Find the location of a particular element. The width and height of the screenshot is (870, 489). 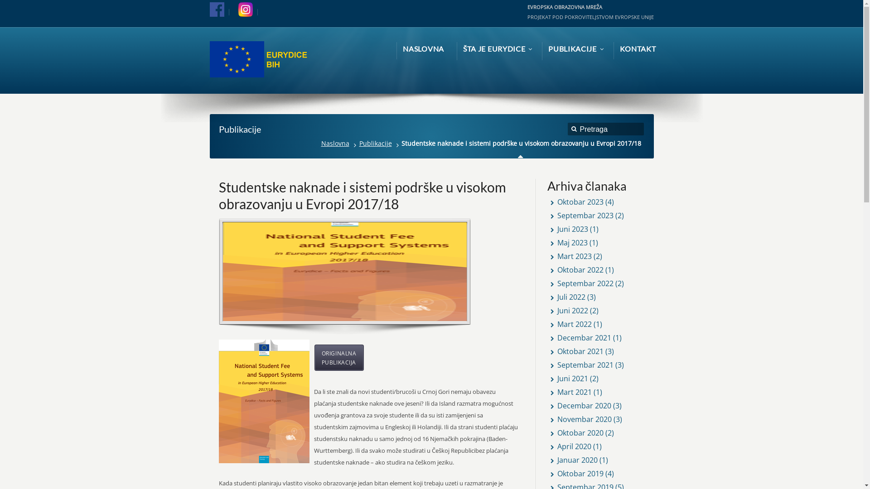

'Decembar 2020' is located at coordinates (556, 405).